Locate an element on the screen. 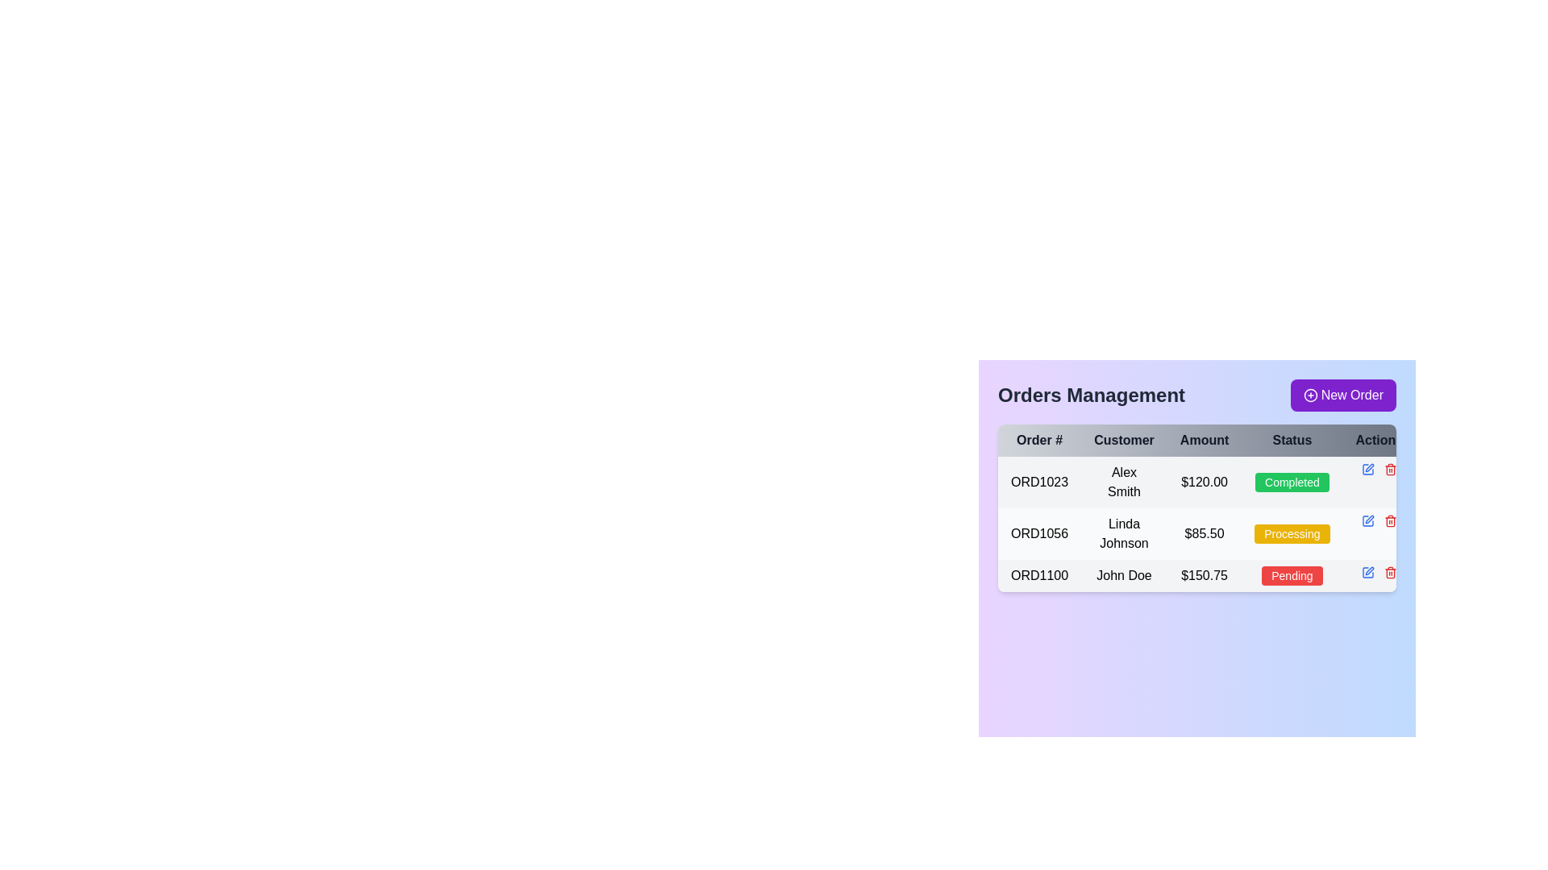  the first table row in the 'Orders Management' section is located at coordinates (1207, 481).